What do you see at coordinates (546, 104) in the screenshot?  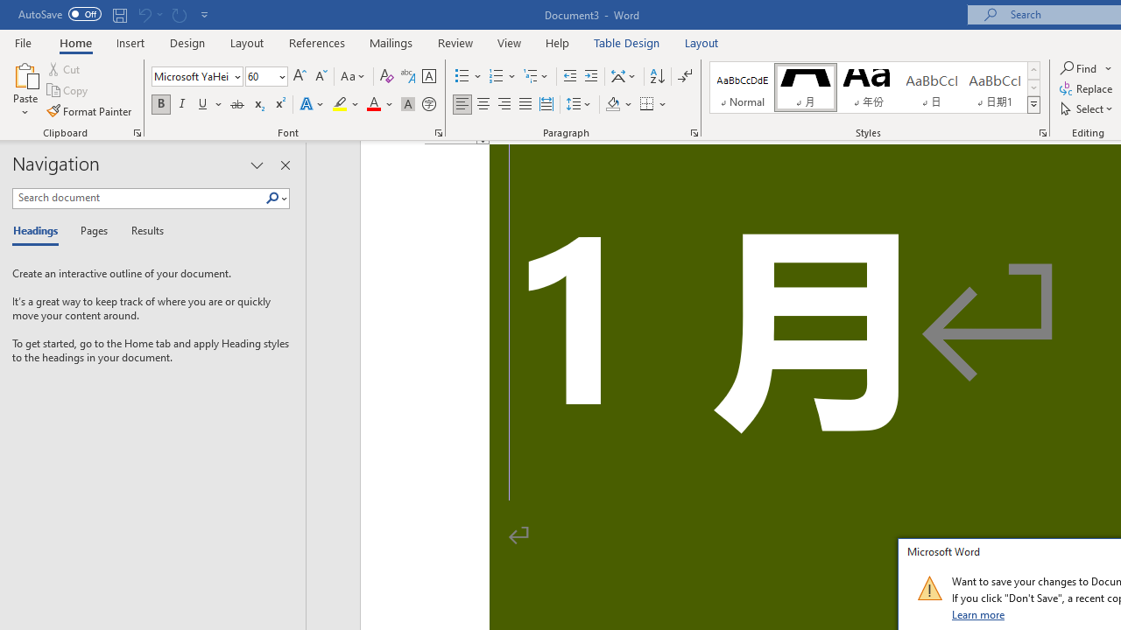 I see `'Distributed'` at bounding box center [546, 104].